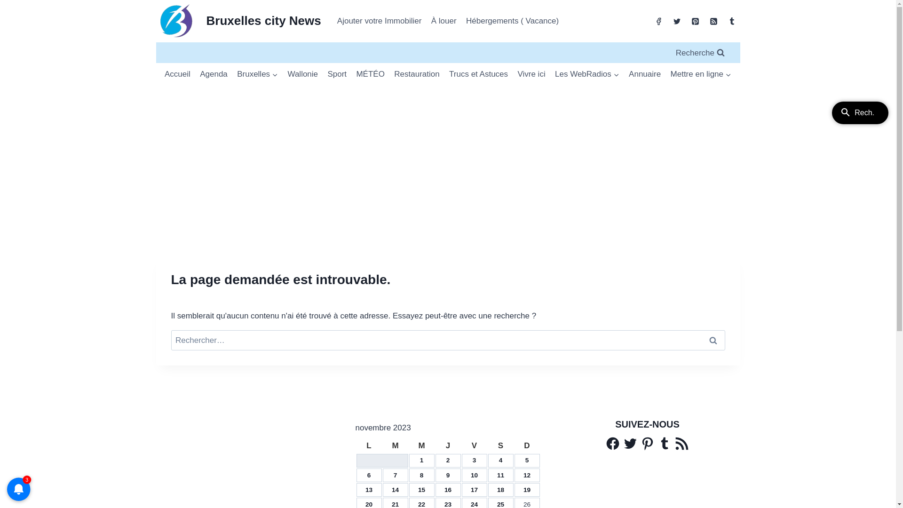 The height and width of the screenshot is (508, 903). Describe the element at coordinates (419, 475) in the screenshot. I see `'8'` at that location.